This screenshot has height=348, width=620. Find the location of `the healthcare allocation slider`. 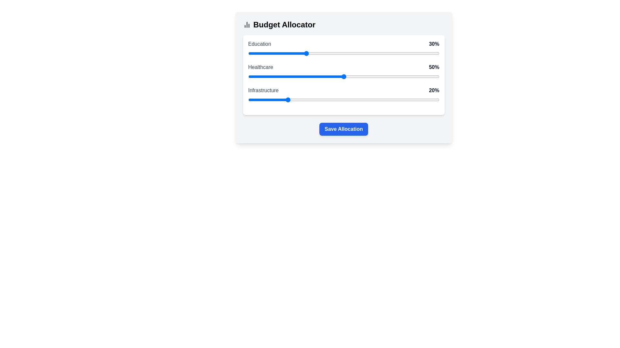

the healthcare allocation slider is located at coordinates (353, 76).